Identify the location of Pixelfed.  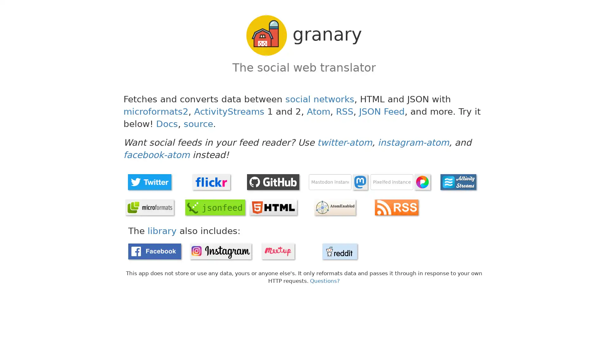
(422, 182).